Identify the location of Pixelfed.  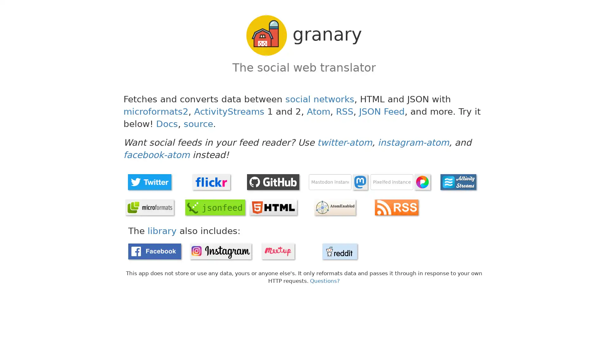
(422, 182).